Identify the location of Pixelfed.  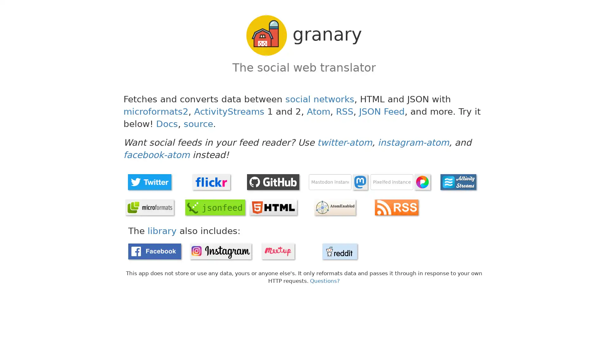
(422, 182).